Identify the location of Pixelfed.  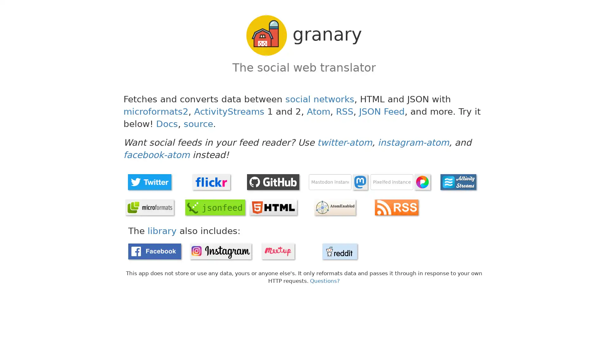
(422, 182).